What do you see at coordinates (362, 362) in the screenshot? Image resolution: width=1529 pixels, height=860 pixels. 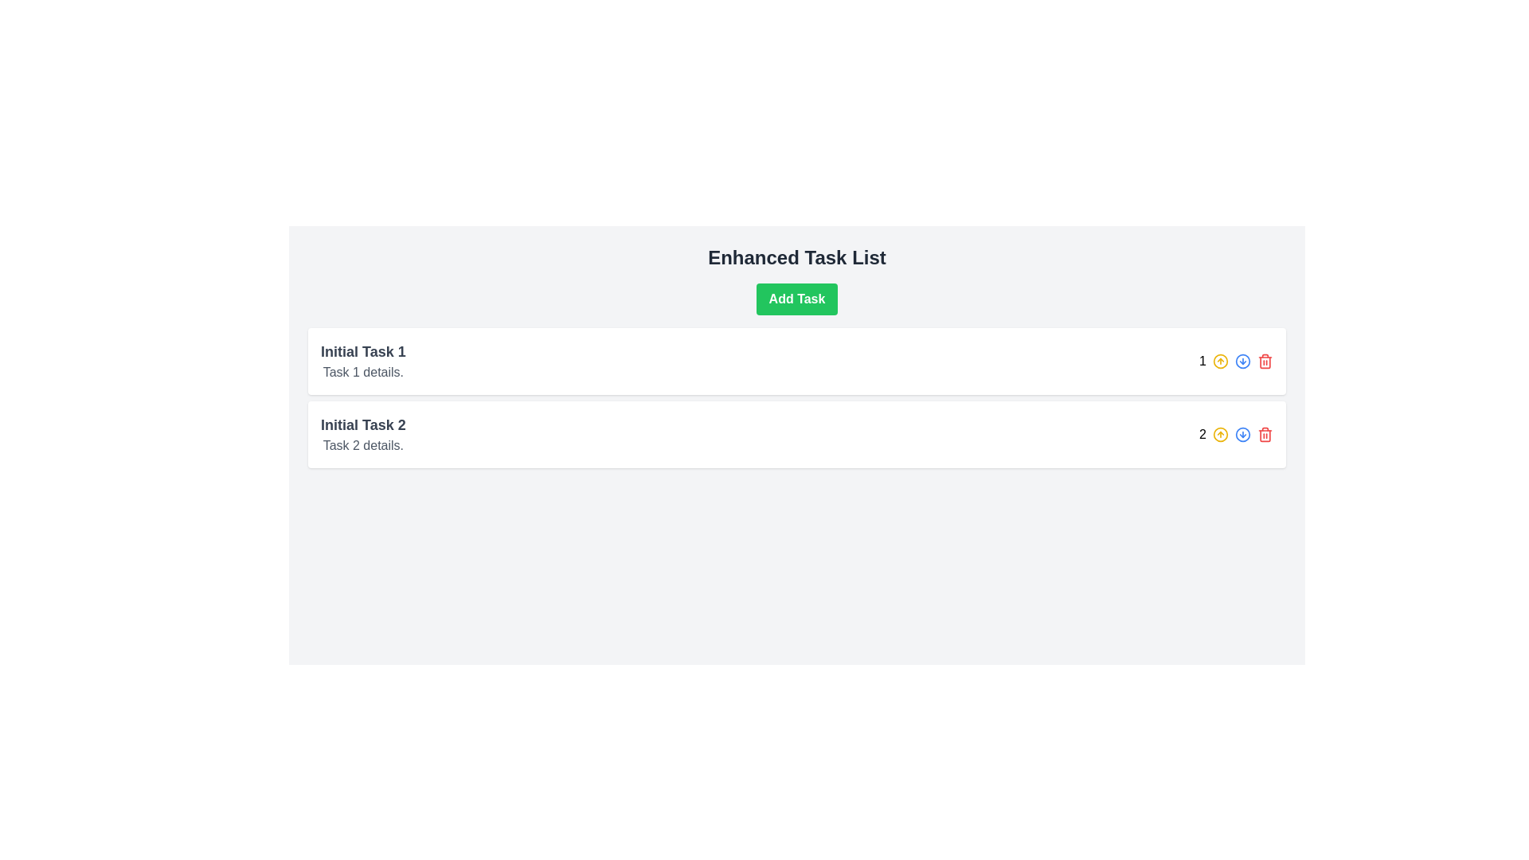 I see `the text block displaying 'Initial Task 1' and 'Task 1 details.' which is the first task item in the vertical list within the card component` at bounding box center [362, 362].